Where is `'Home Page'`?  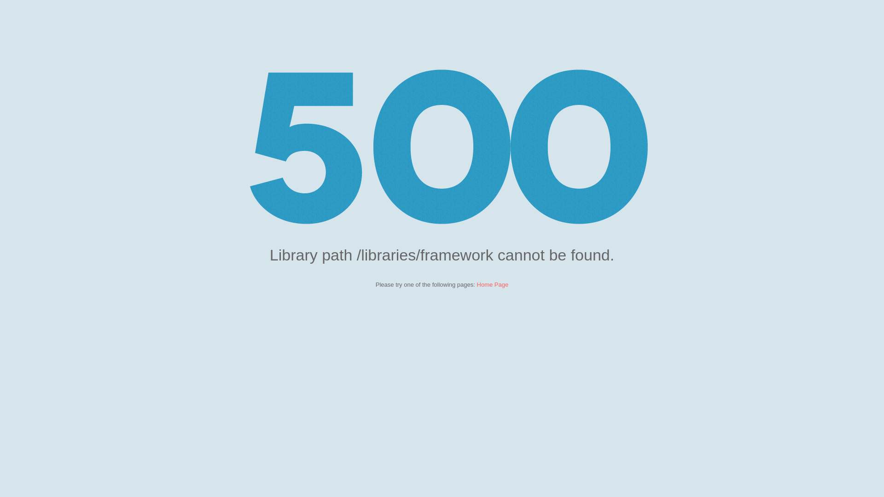
'Home Page' is located at coordinates (492, 284).